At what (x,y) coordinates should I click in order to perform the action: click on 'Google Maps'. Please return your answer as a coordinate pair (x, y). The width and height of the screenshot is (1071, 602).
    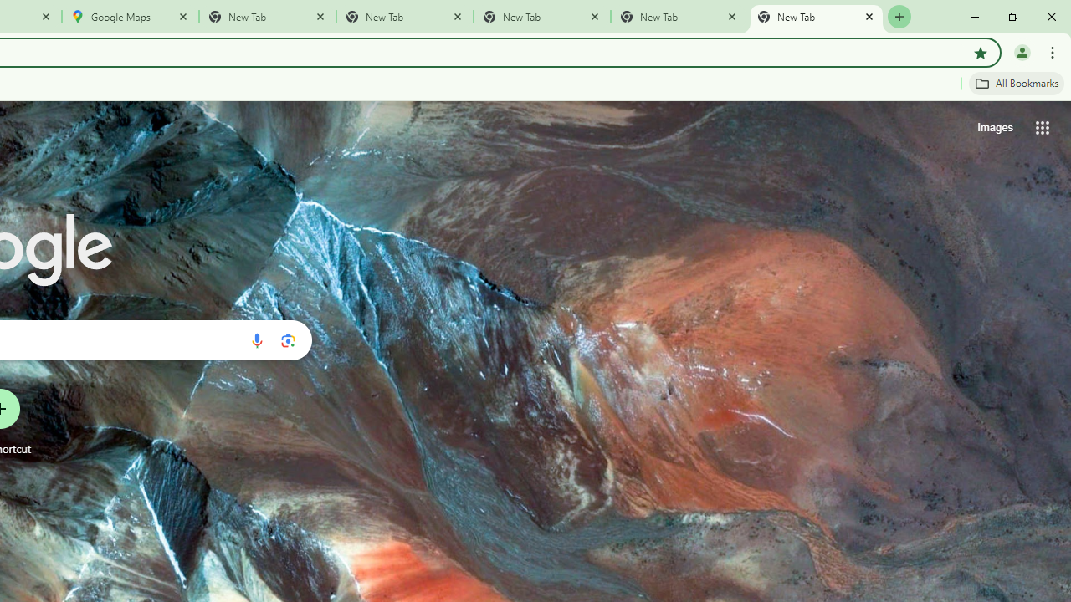
    Looking at the image, I should click on (130, 17).